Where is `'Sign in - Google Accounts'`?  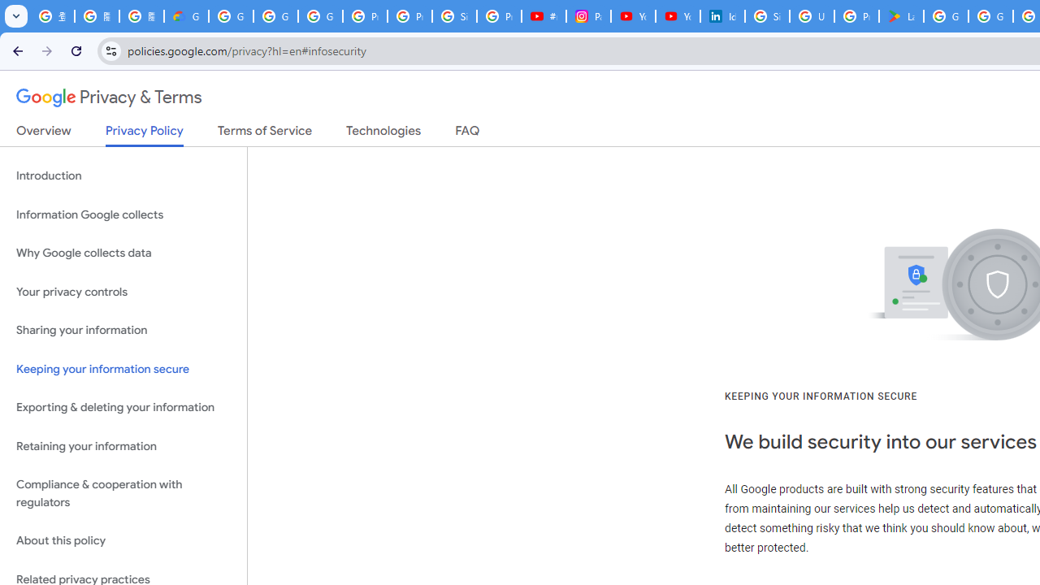 'Sign in - Google Accounts' is located at coordinates (766, 16).